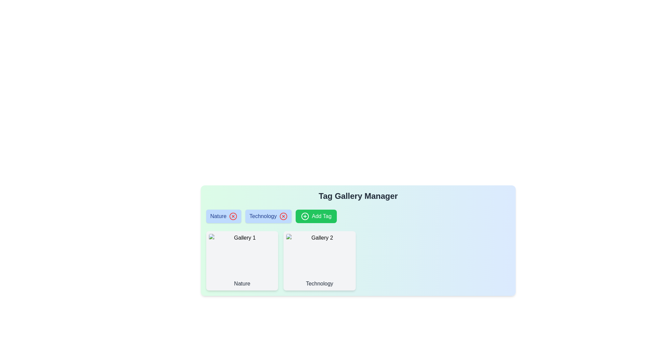 The height and width of the screenshot is (364, 648). I want to click on the SVG Icon that signifies the functionality of addition, located to the left of the 'Add Tag' button, so click(304, 216).